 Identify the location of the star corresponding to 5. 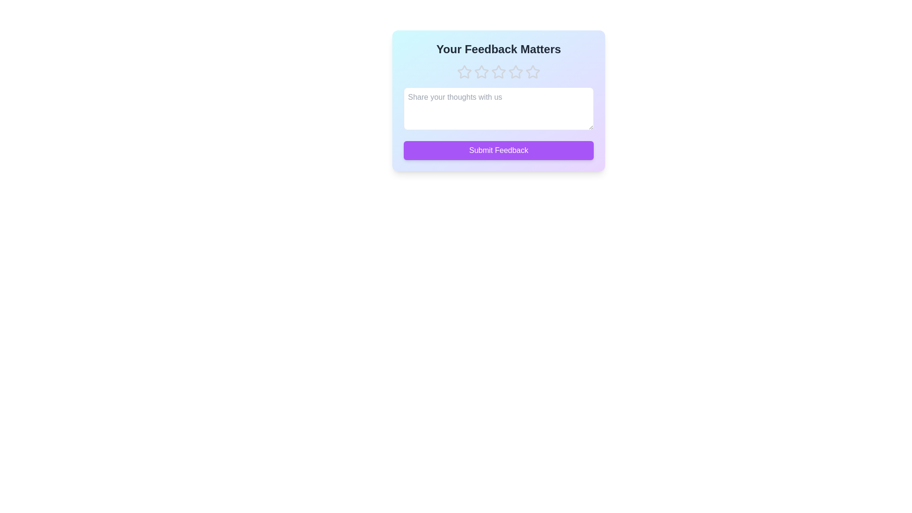
(533, 71).